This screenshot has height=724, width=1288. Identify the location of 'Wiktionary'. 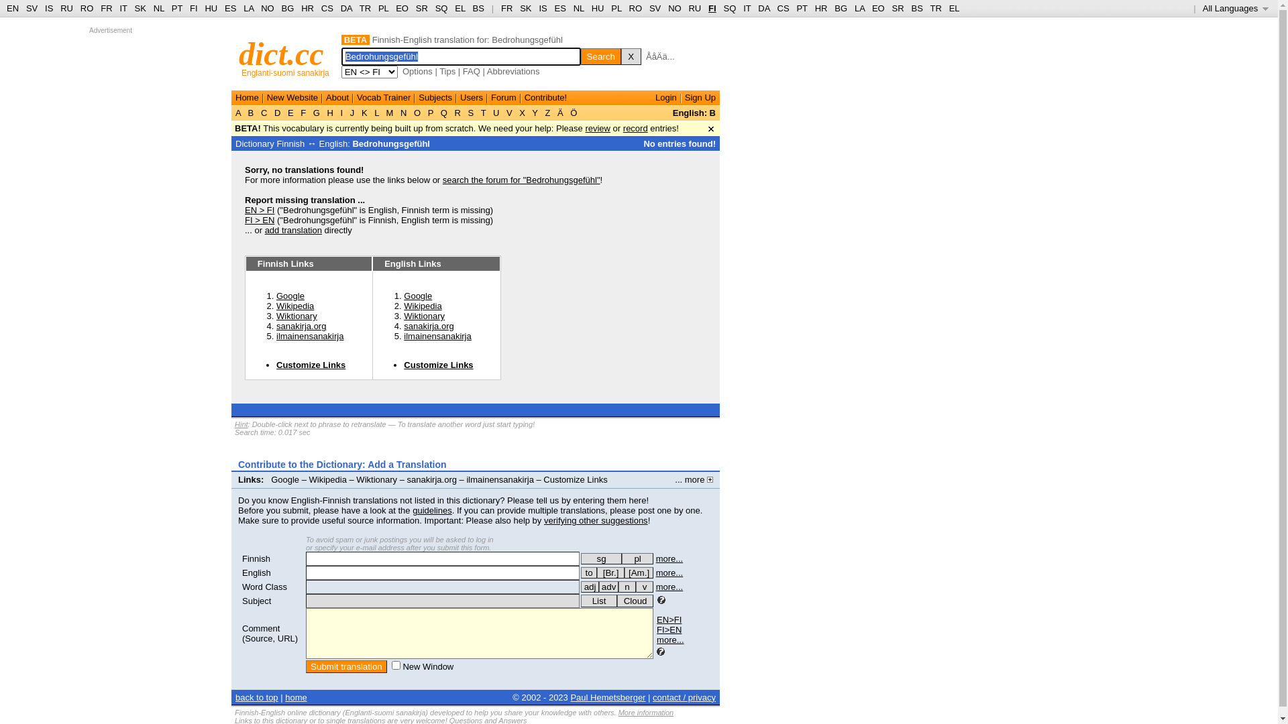
(276, 316).